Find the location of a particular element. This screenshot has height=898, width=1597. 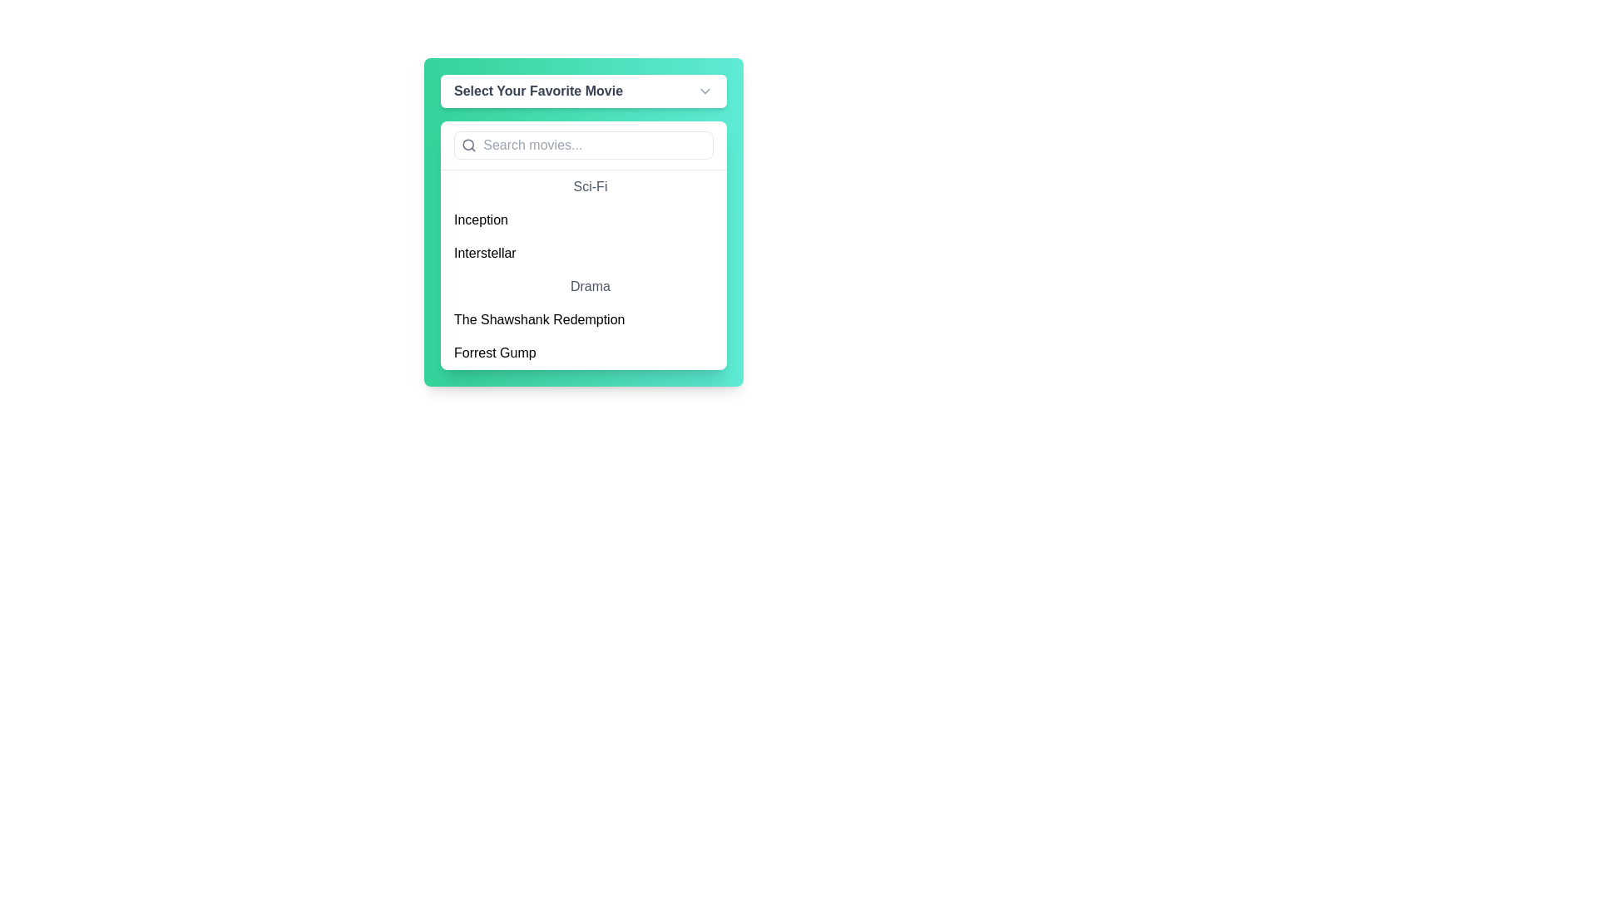

the option titled 'The Shawshank Redemption' in the dropdown list under the 'Drama' category is located at coordinates (583, 320).